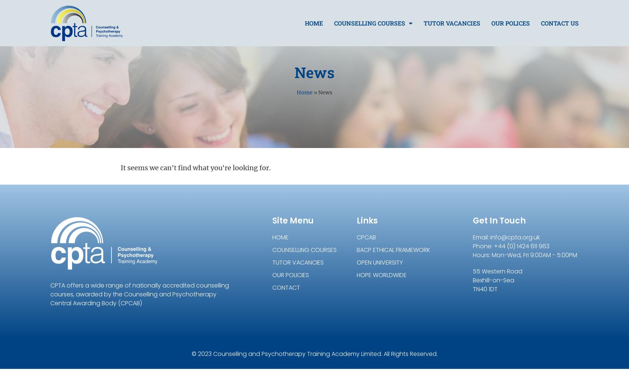 This screenshot has height=370, width=629. What do you see at coordinates (314, 353) in the screenshot?
I see `'© 2023 Counselling and Psychotherapy Training Academy Limited. All Rights Reserved.'` at bounding box center [314, 353].